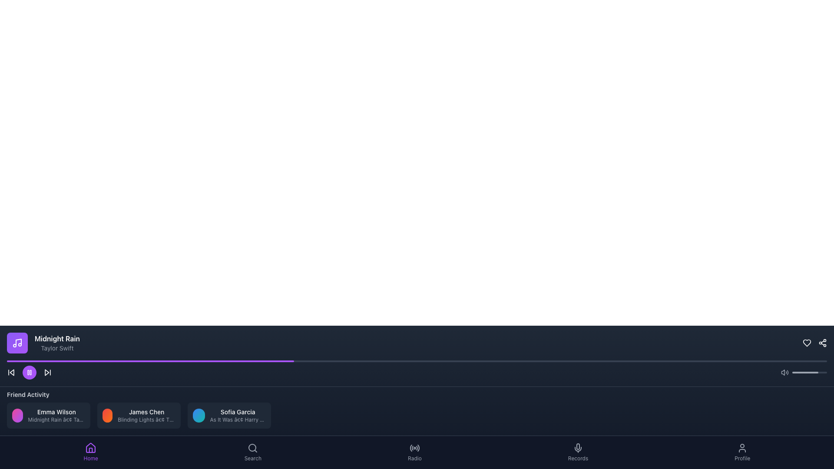  Describe the element at coordinates (804, 372) in the screenshot. I see `the progress bar located towards the bottom right corner of the interface, which indicates a percentage or value within a 0-100 range` at that location.